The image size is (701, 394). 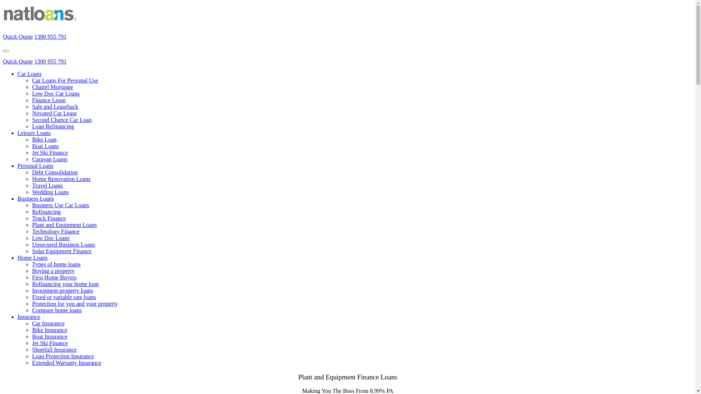 What do you see at coordinates (50, 36) in the screenshot?
I see `'1300 955 791'` at bounding box center [50, 36].